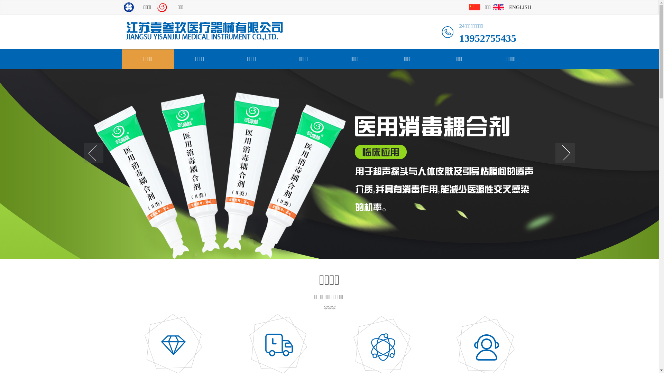 Image resolution: width=664 pixels, height=373 pixels. Describe the element at coordinates (565, 153) in the screenshot. I see `'next'` at that location.